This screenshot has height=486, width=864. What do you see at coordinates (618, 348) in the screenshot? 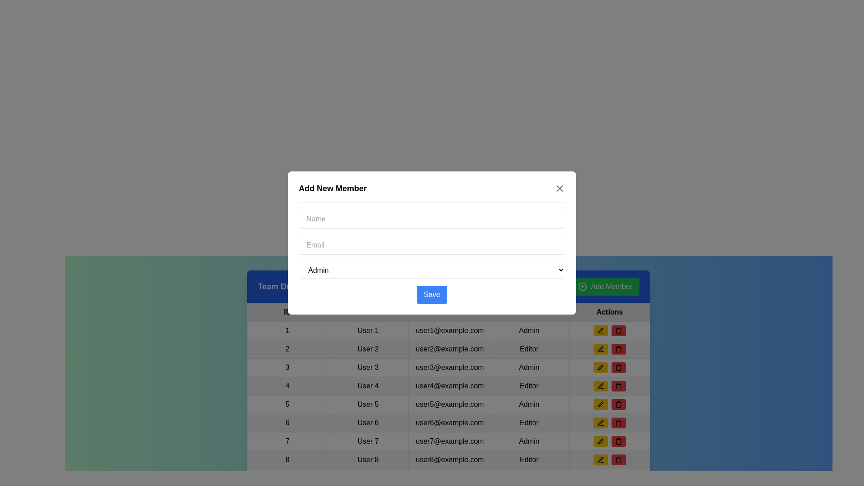
I see `the red circular icon button in the eighth row of the 'Actions' column` at bounding box center [618, 348].